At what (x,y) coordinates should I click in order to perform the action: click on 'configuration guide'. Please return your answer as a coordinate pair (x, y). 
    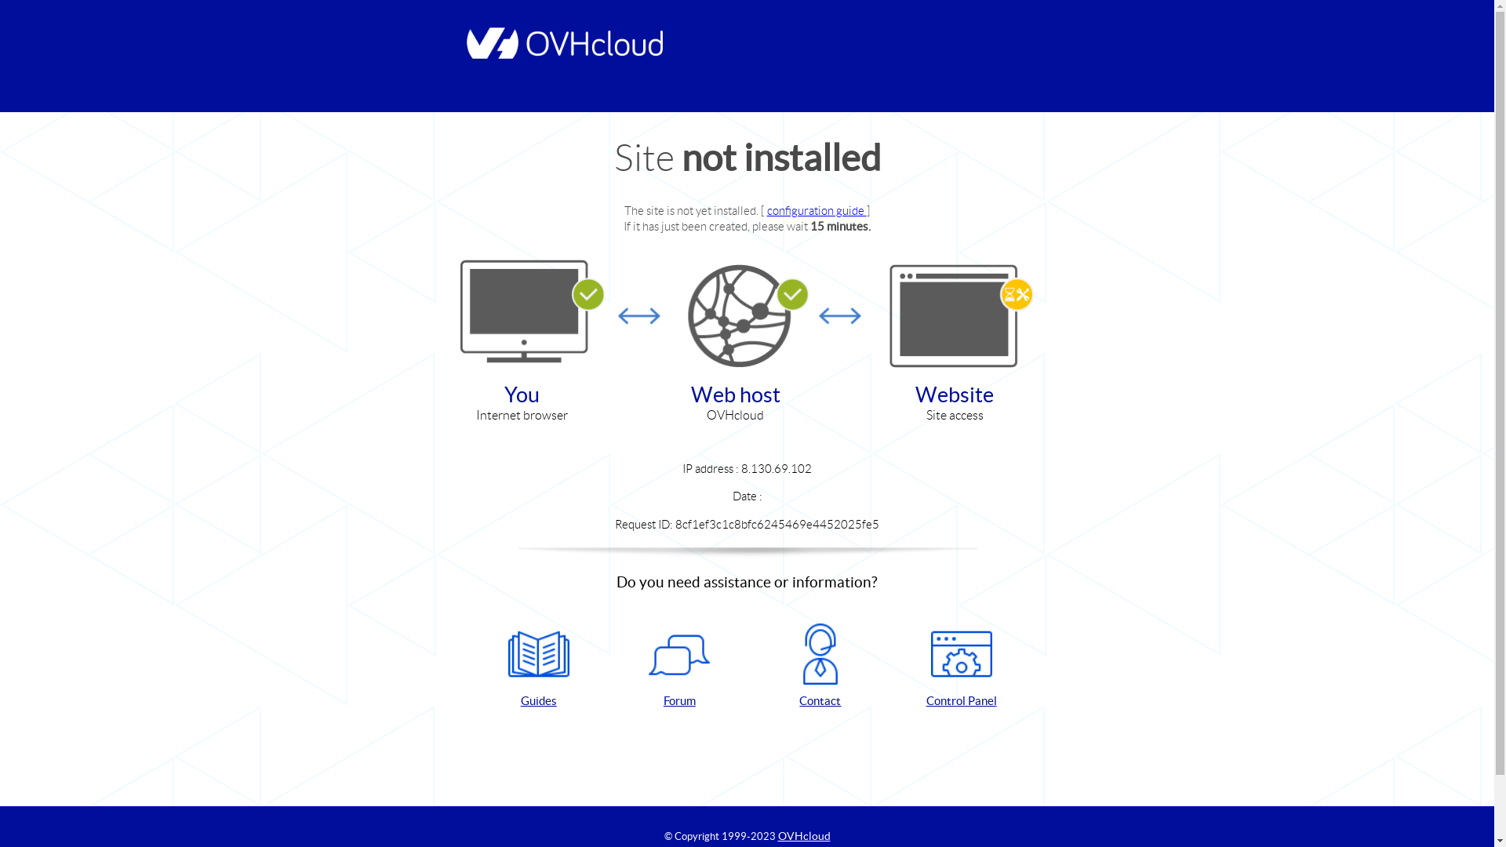
    Looking at the image, I should click on (816, 209).